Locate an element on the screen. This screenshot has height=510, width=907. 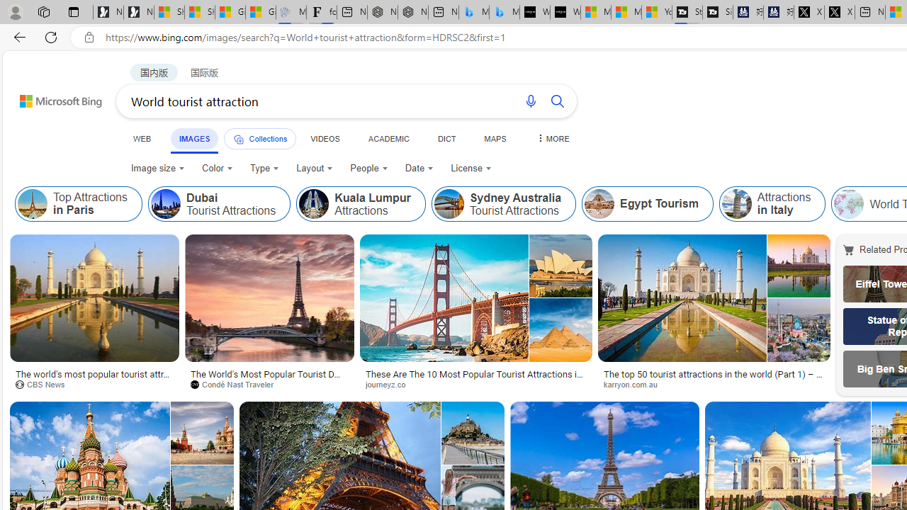
'Newsletter Sign Up' is located at coordinates (139, 12).